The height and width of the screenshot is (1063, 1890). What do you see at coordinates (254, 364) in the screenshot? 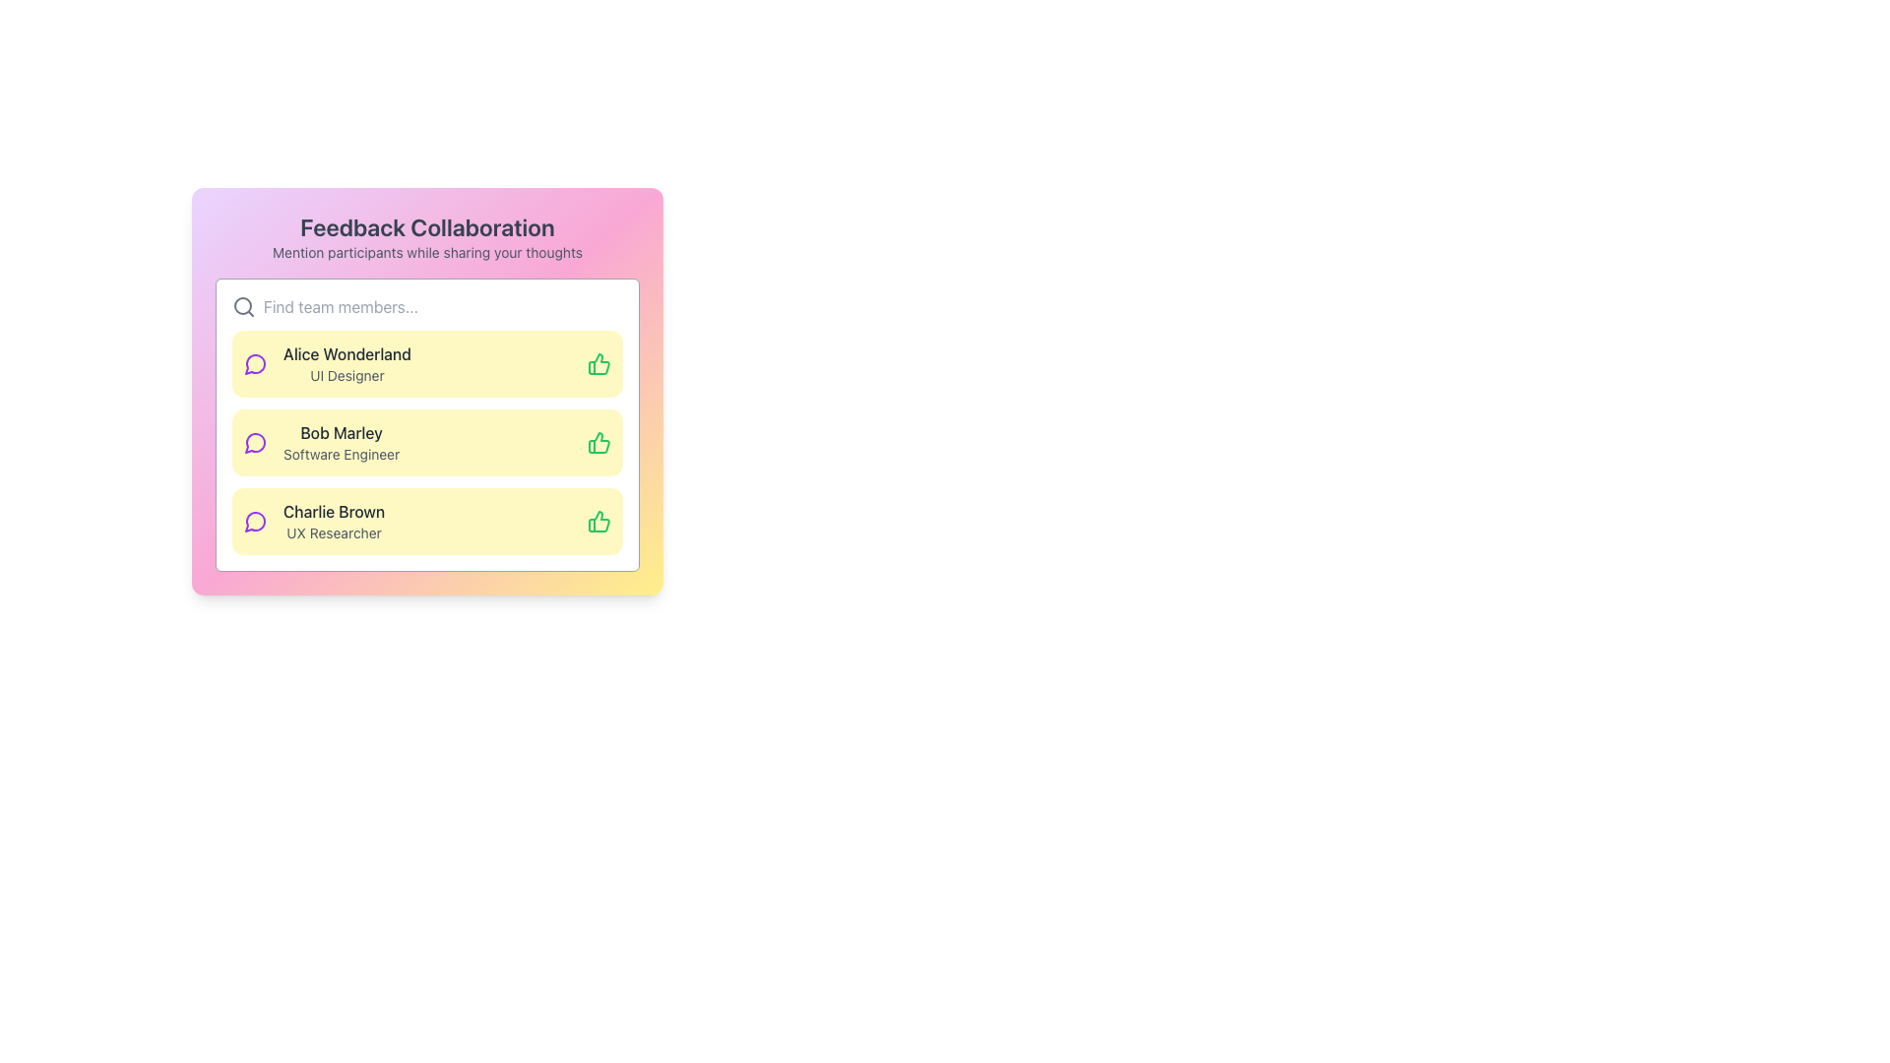
I see `the circular speech bubble tail within the purple icon on the left side of the row labeled 'Alice Wonderland, UI Designer'` at bounding box center [254, 364].